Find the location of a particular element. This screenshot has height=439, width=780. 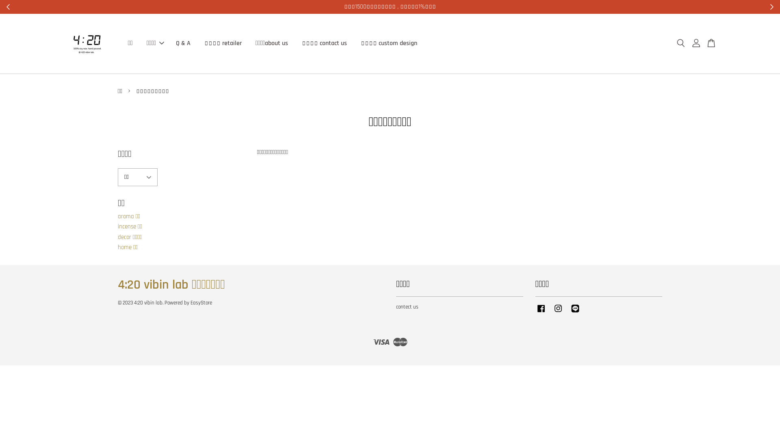

'icon-line is located at coordinates (569, 312).